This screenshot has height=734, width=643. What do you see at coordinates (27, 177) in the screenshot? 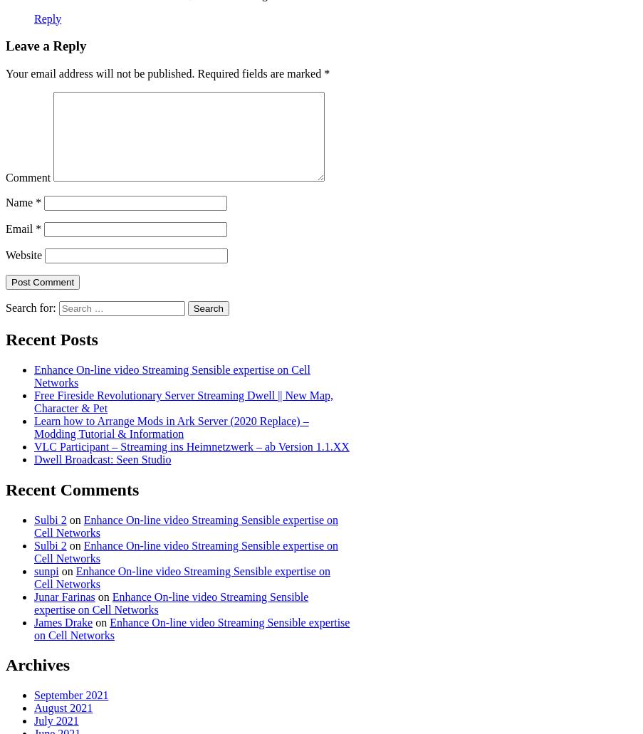
I see `'Comment'` at bounding box center [27, 177].